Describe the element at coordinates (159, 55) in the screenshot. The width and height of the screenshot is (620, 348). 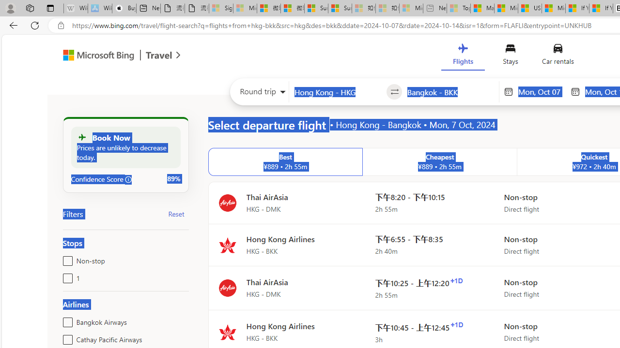
I see `'Class: msft-travel-logo'` at that location.